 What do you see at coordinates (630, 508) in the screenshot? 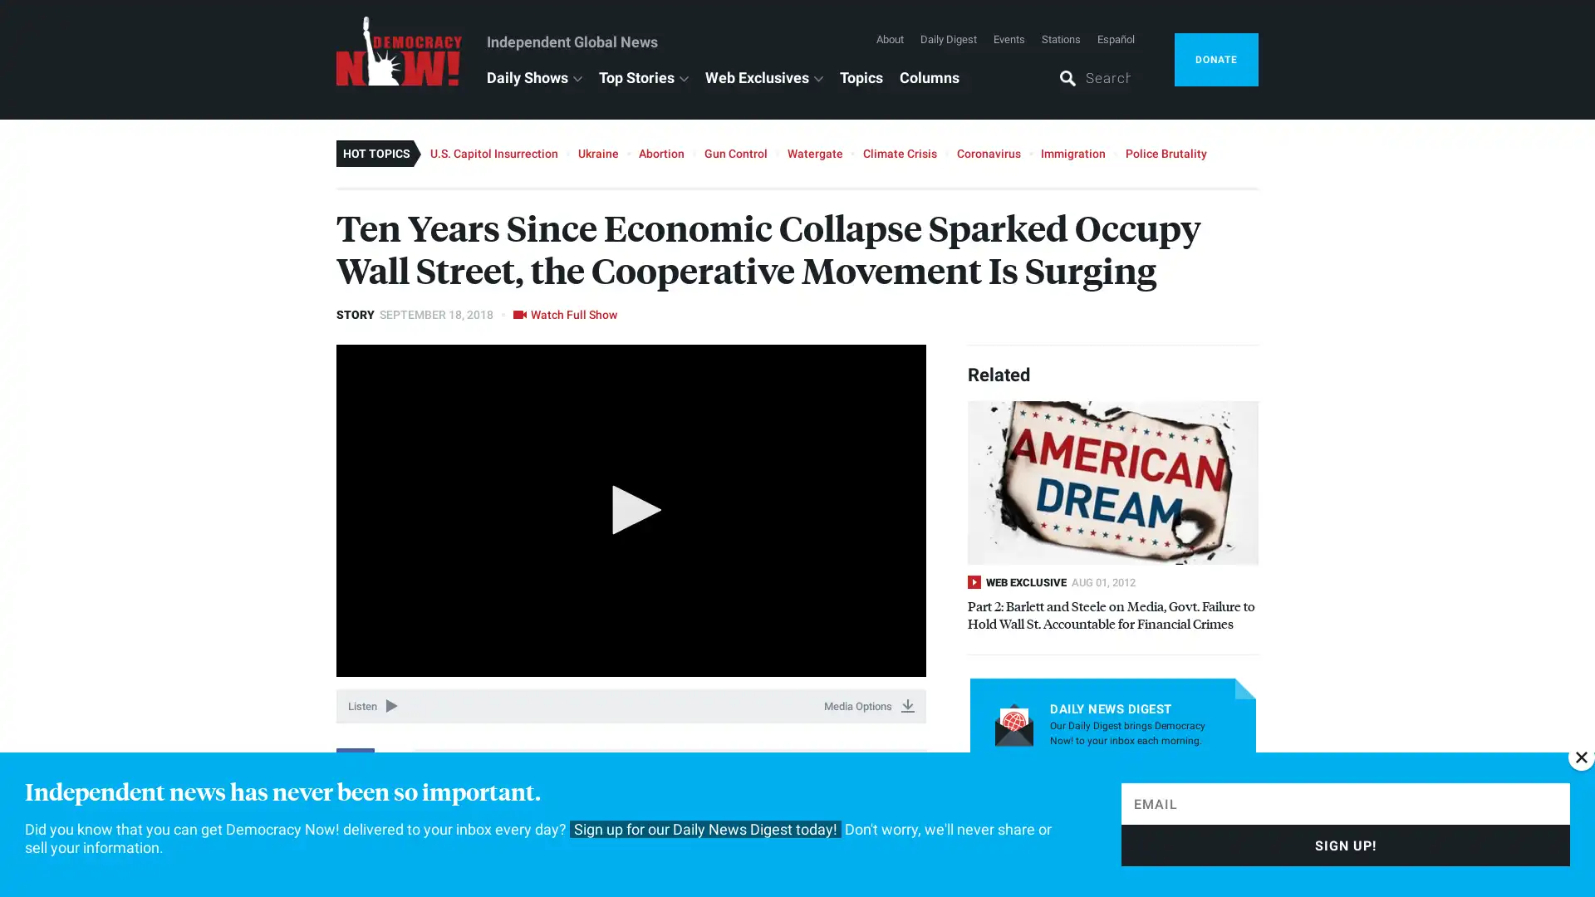
I see `Play` at bounding box center [630, 508].